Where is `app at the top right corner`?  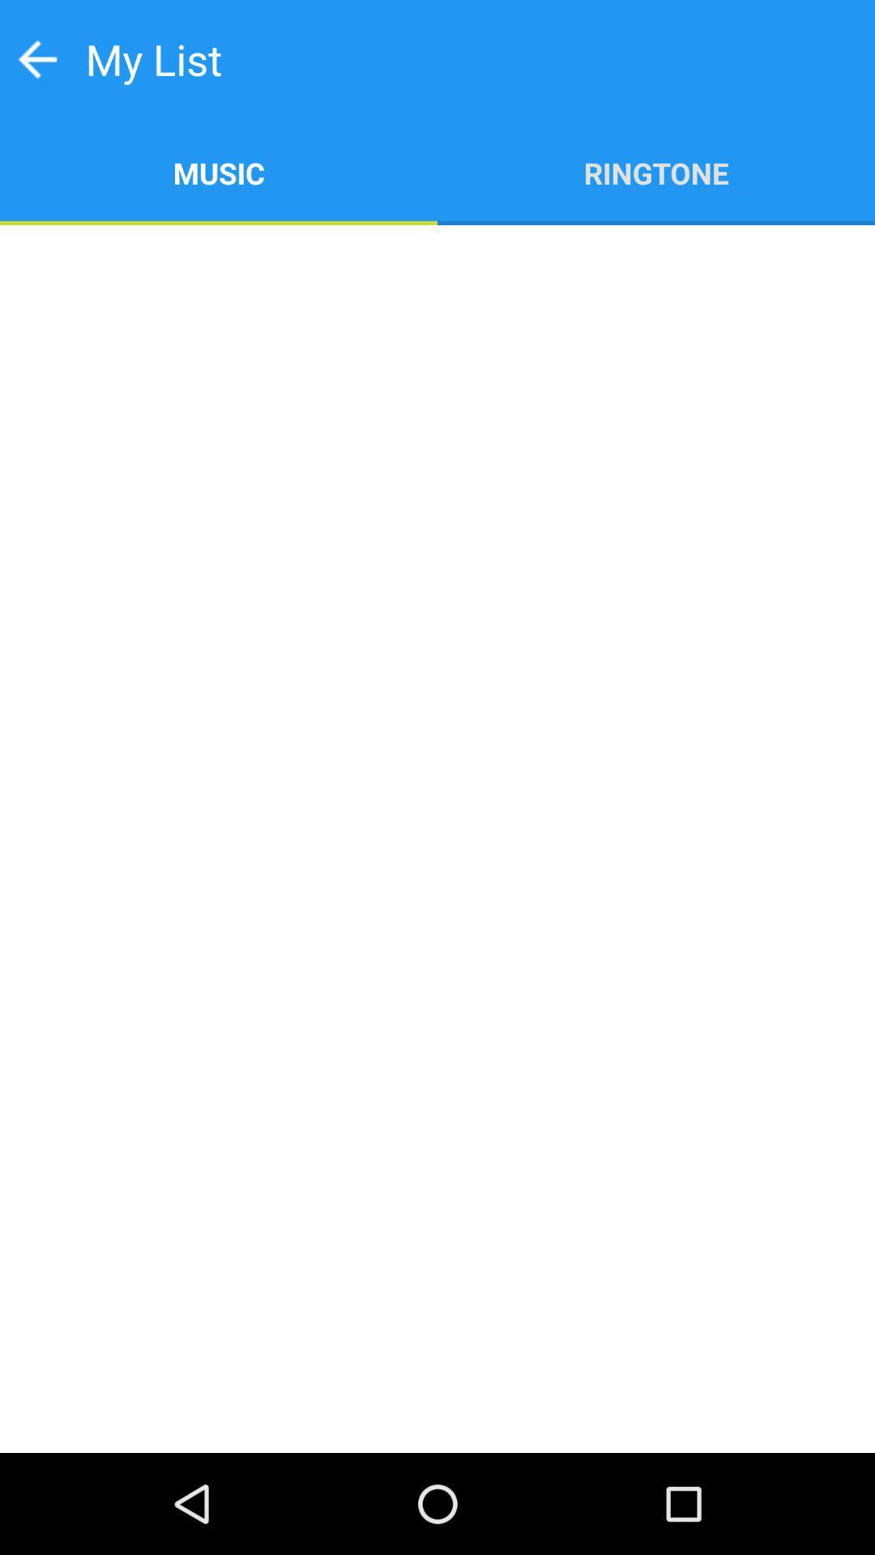
app at the top right corner is located at coordinates (656, 172).